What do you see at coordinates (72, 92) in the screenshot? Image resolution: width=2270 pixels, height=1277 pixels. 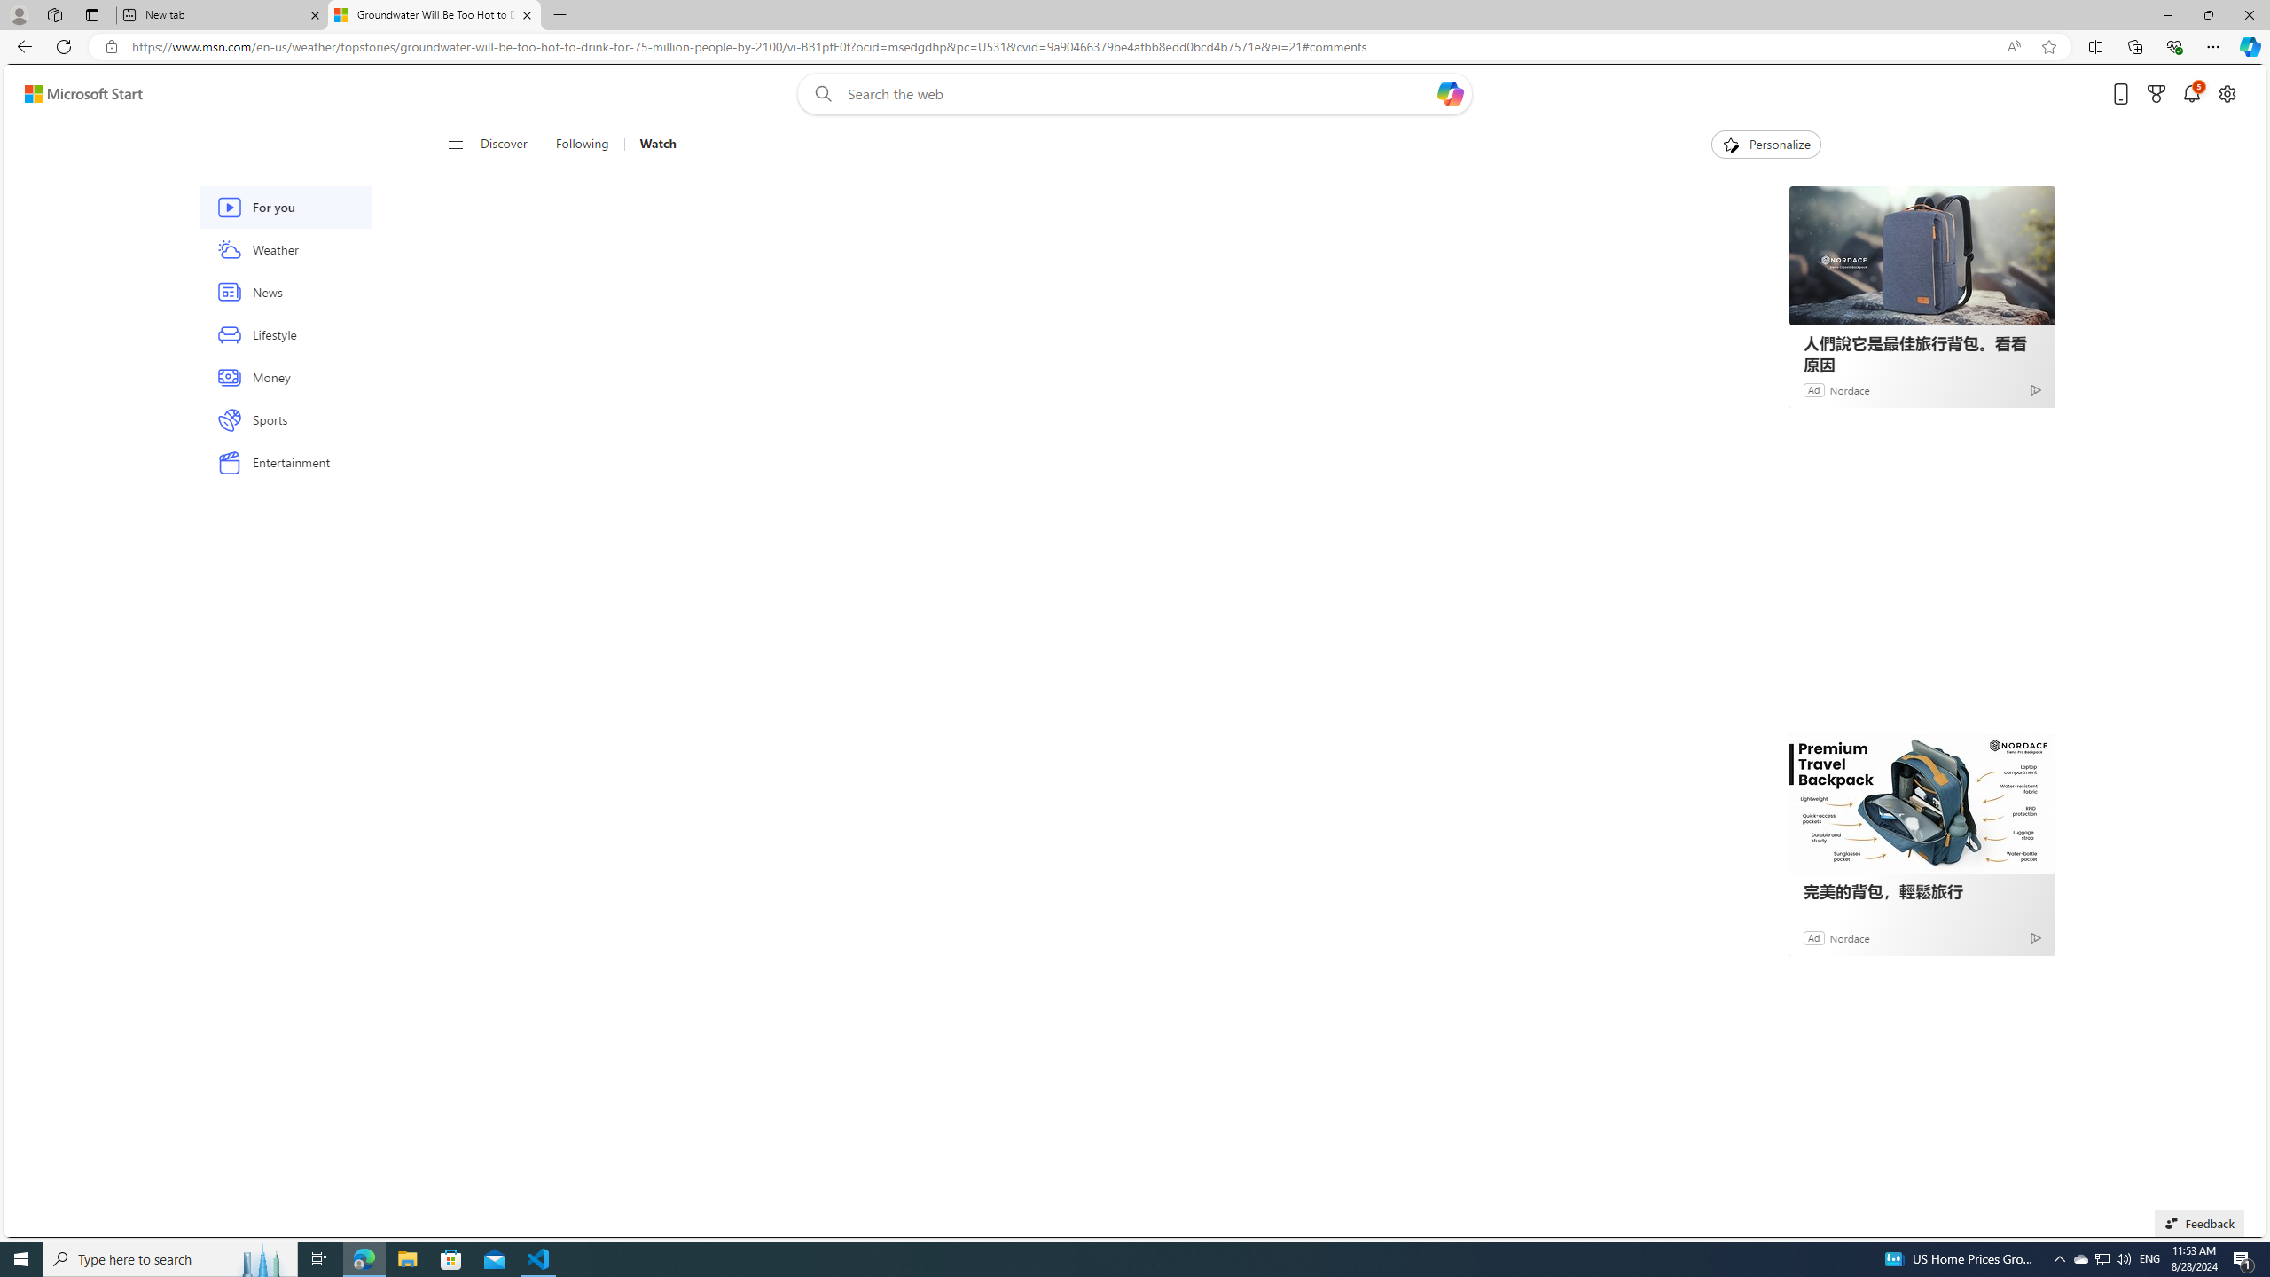 I see `'Skip to footer'` at bounding box center [72, 92].